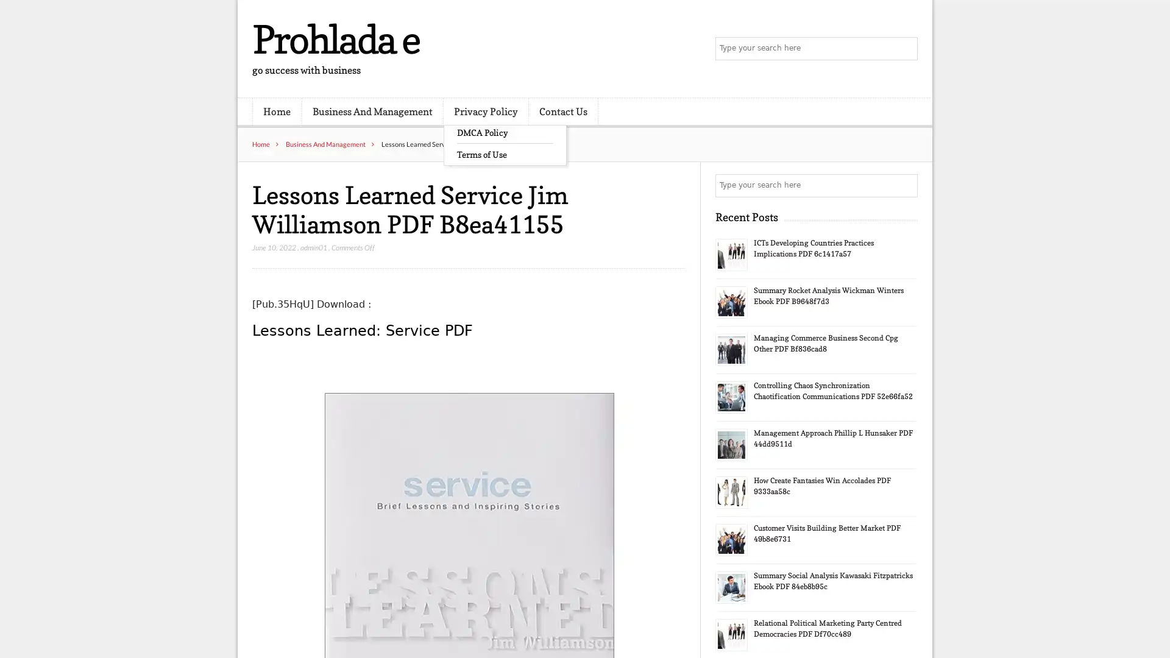 This screenshot has height=658, width=1170. What do you see at coordinates (905, 185) in the screenshot?
I see `Search` at bounding box center [905, 185].